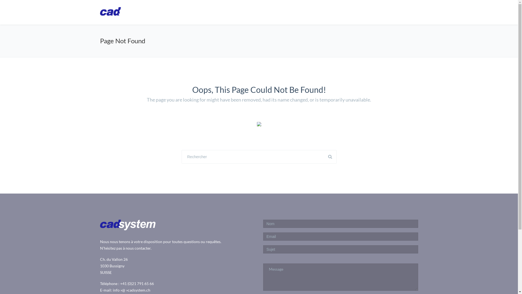 The height and width of the screenshot is (294, 522). I want to click on 'Autodesk', so click(310, 12).